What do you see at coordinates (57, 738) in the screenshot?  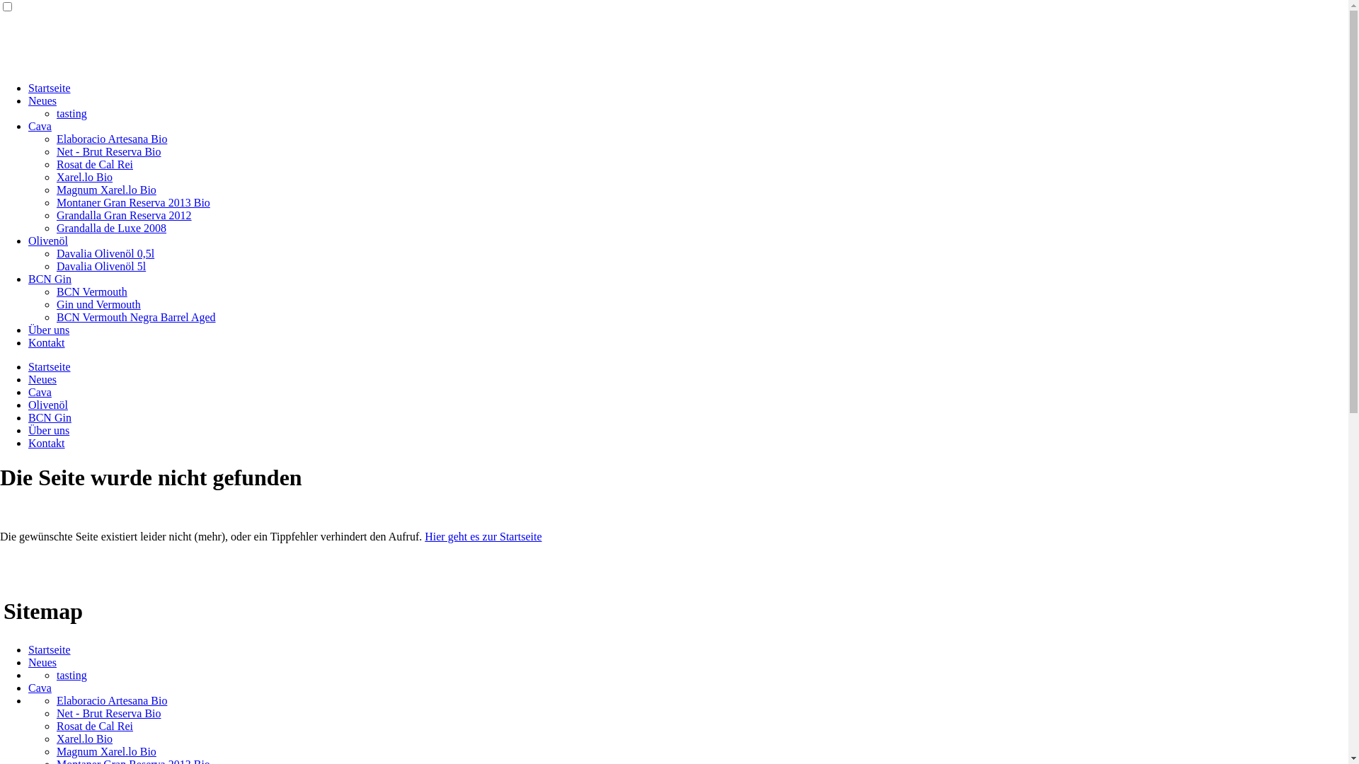 I see `'Xarel.lo Bio'` at bounding box center [57, 738].